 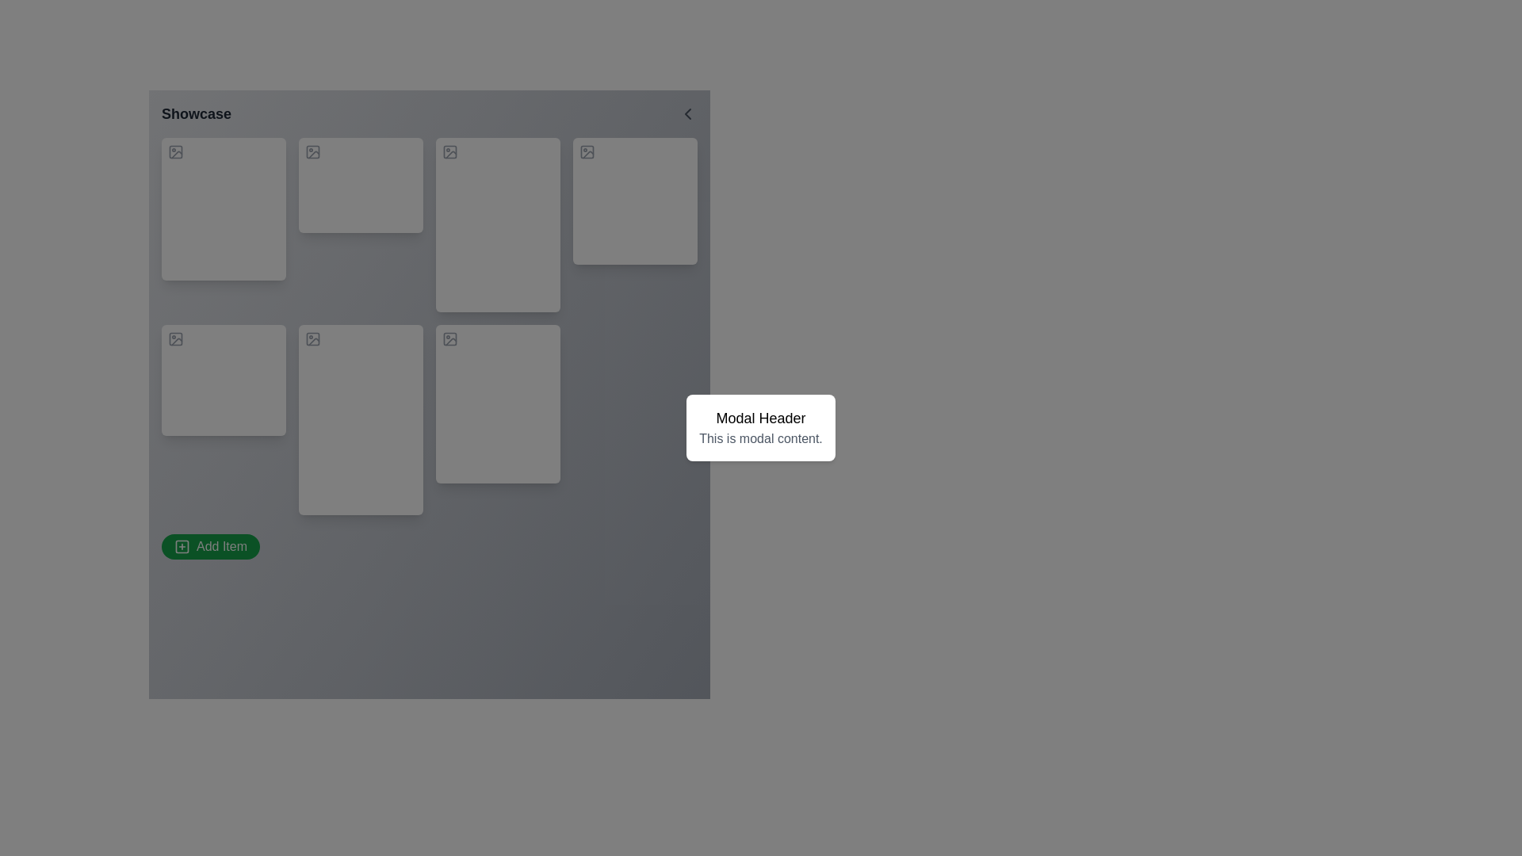 What do you see at coordinates (497, 225) in the screenshot?
I see `the third card in the top row of the grid layout` at bounding box center [497, 225].